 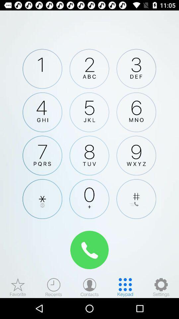 I want to click on recent phone calls, so click(x=53, y=287).